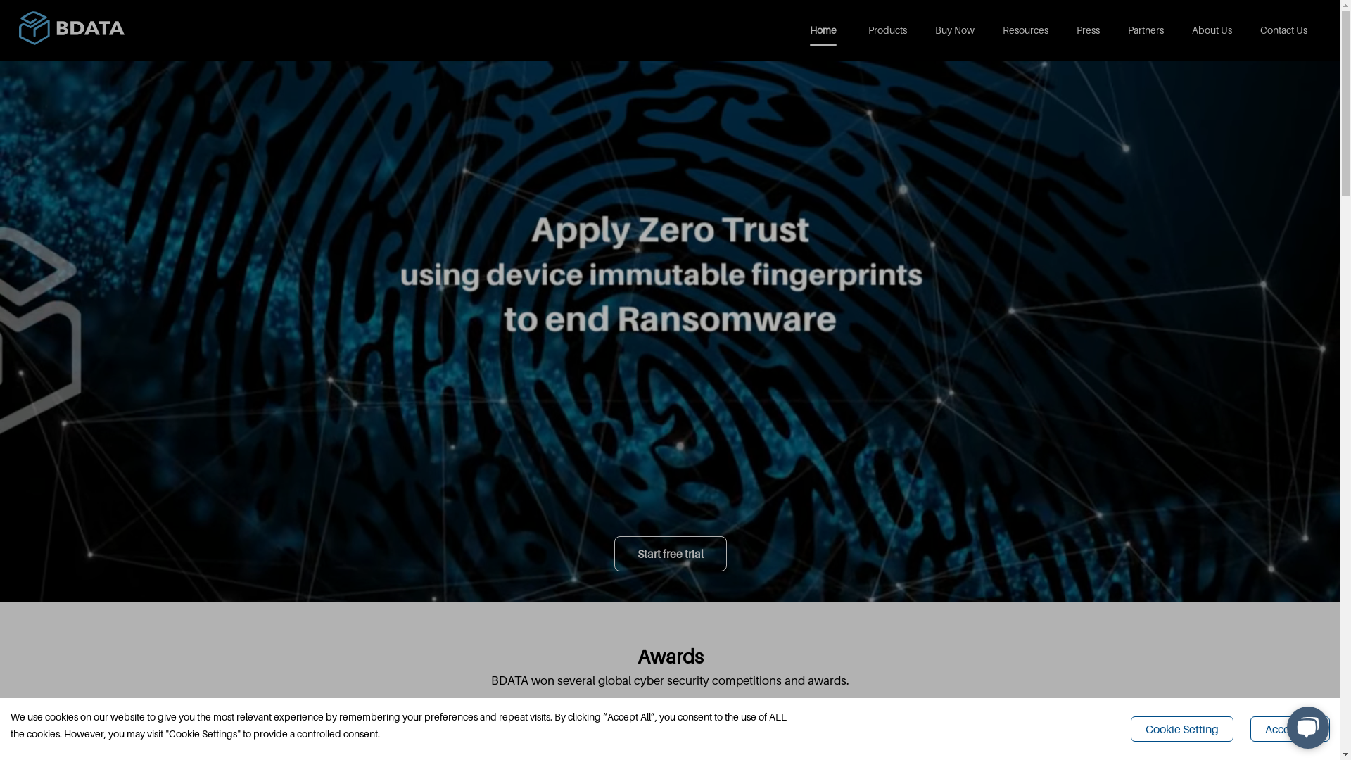 This screenshot has width=1351, height=760. Describe the element at coordinates (955, 30) in the screenshot. I see `'Buy Now'` at that location.